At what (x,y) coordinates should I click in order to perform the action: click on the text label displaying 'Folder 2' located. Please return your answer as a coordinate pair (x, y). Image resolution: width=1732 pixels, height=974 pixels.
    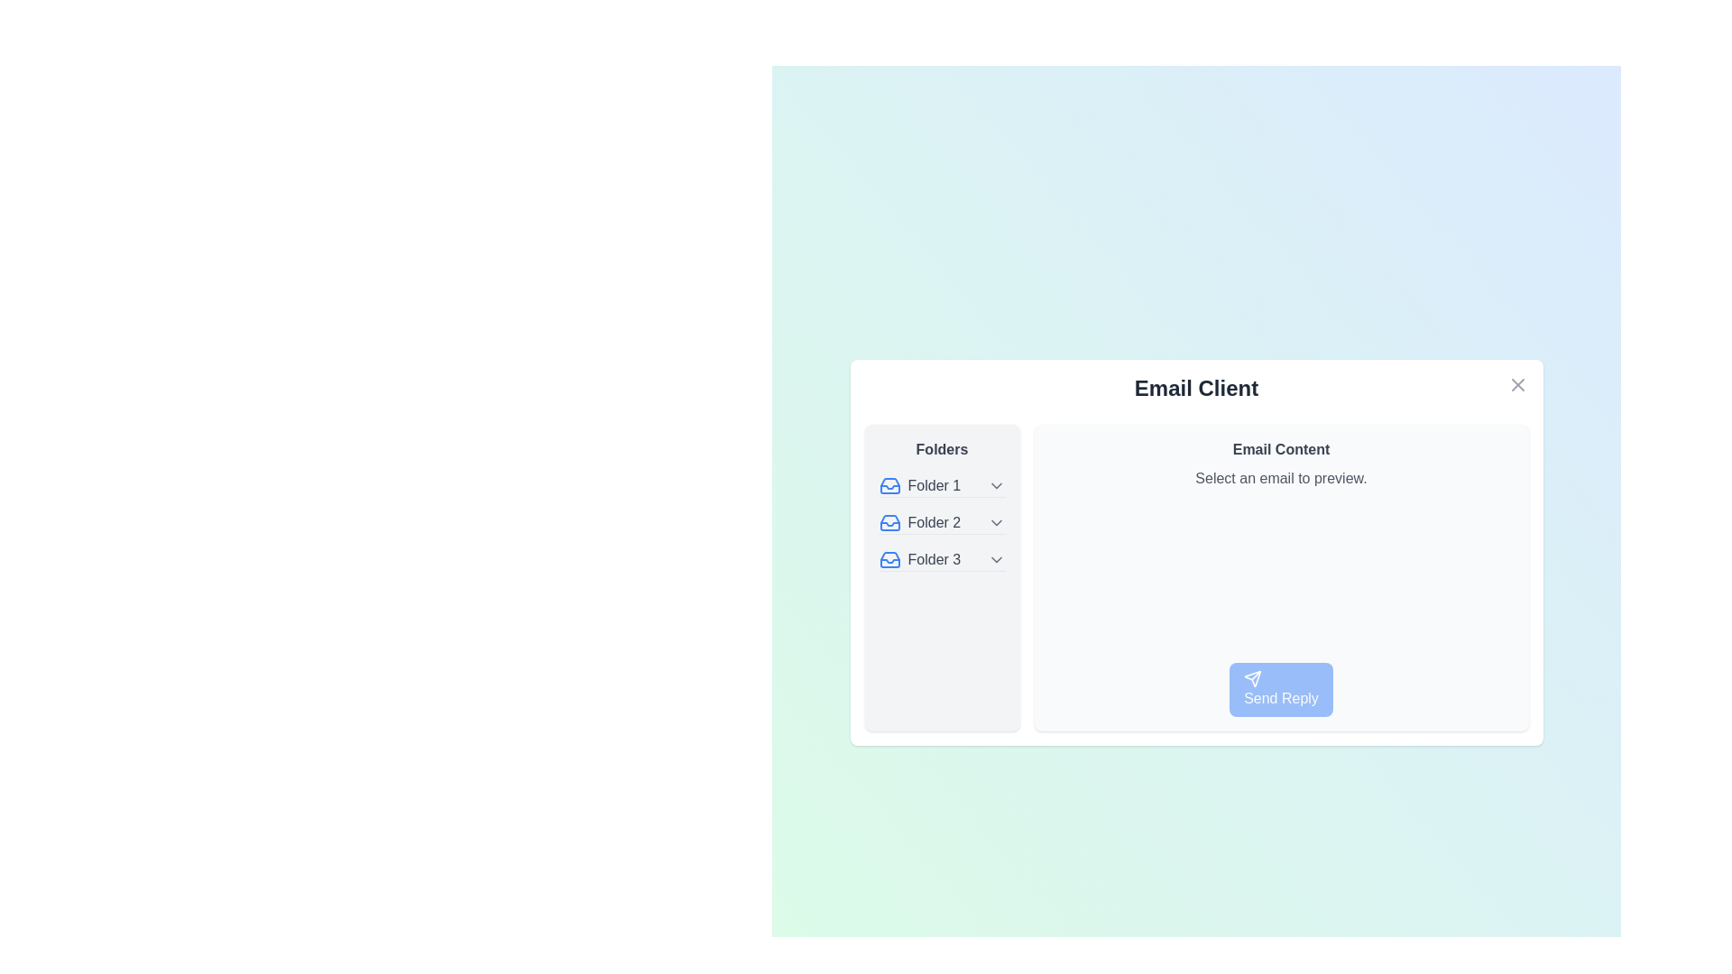
    Looking at the image, I should click on (934, 522).